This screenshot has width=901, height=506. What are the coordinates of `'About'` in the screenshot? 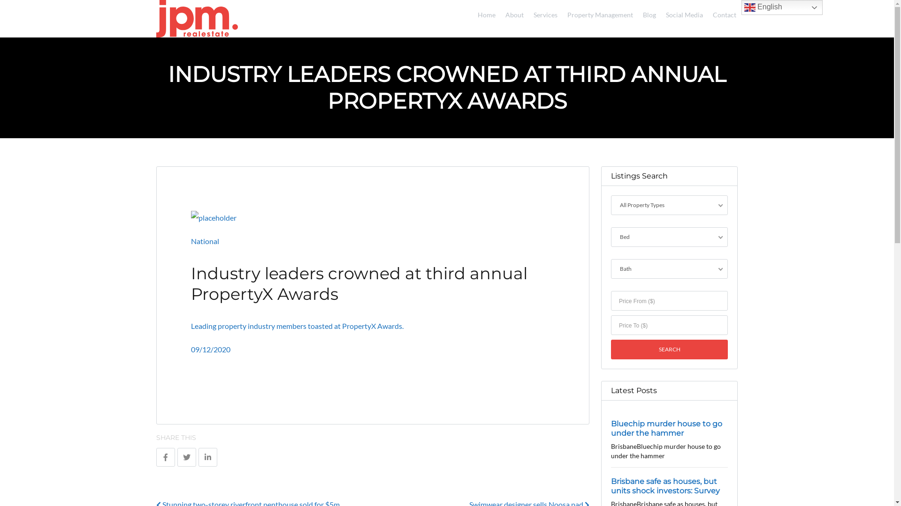 It's located at (511, 13).